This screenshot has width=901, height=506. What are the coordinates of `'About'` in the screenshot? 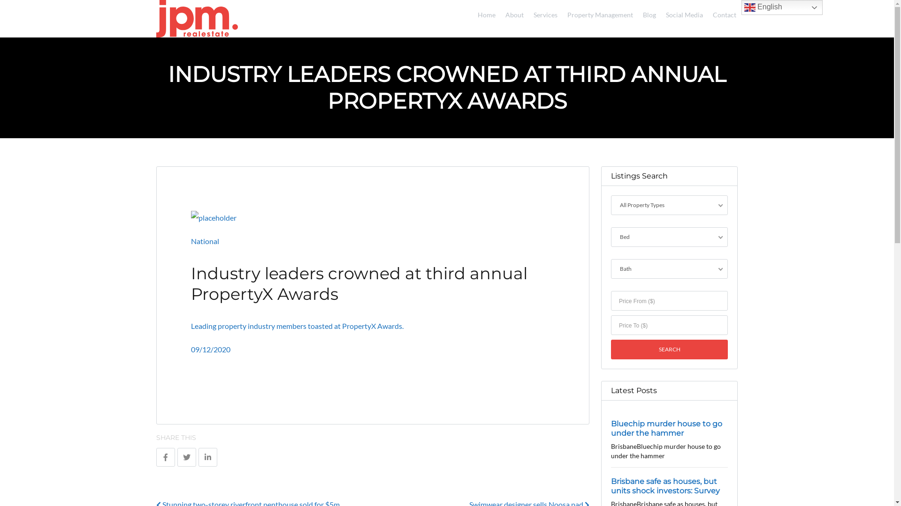 It's located at (511, 13).